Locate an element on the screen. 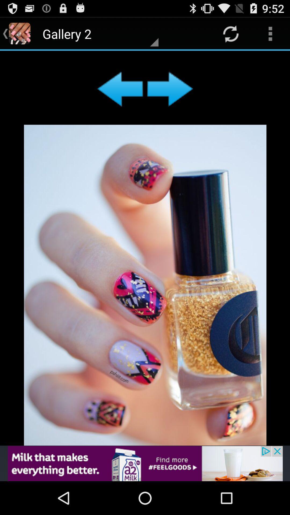 The image size is (290, 515). screen advertisement is located at coordinates (145, 248).